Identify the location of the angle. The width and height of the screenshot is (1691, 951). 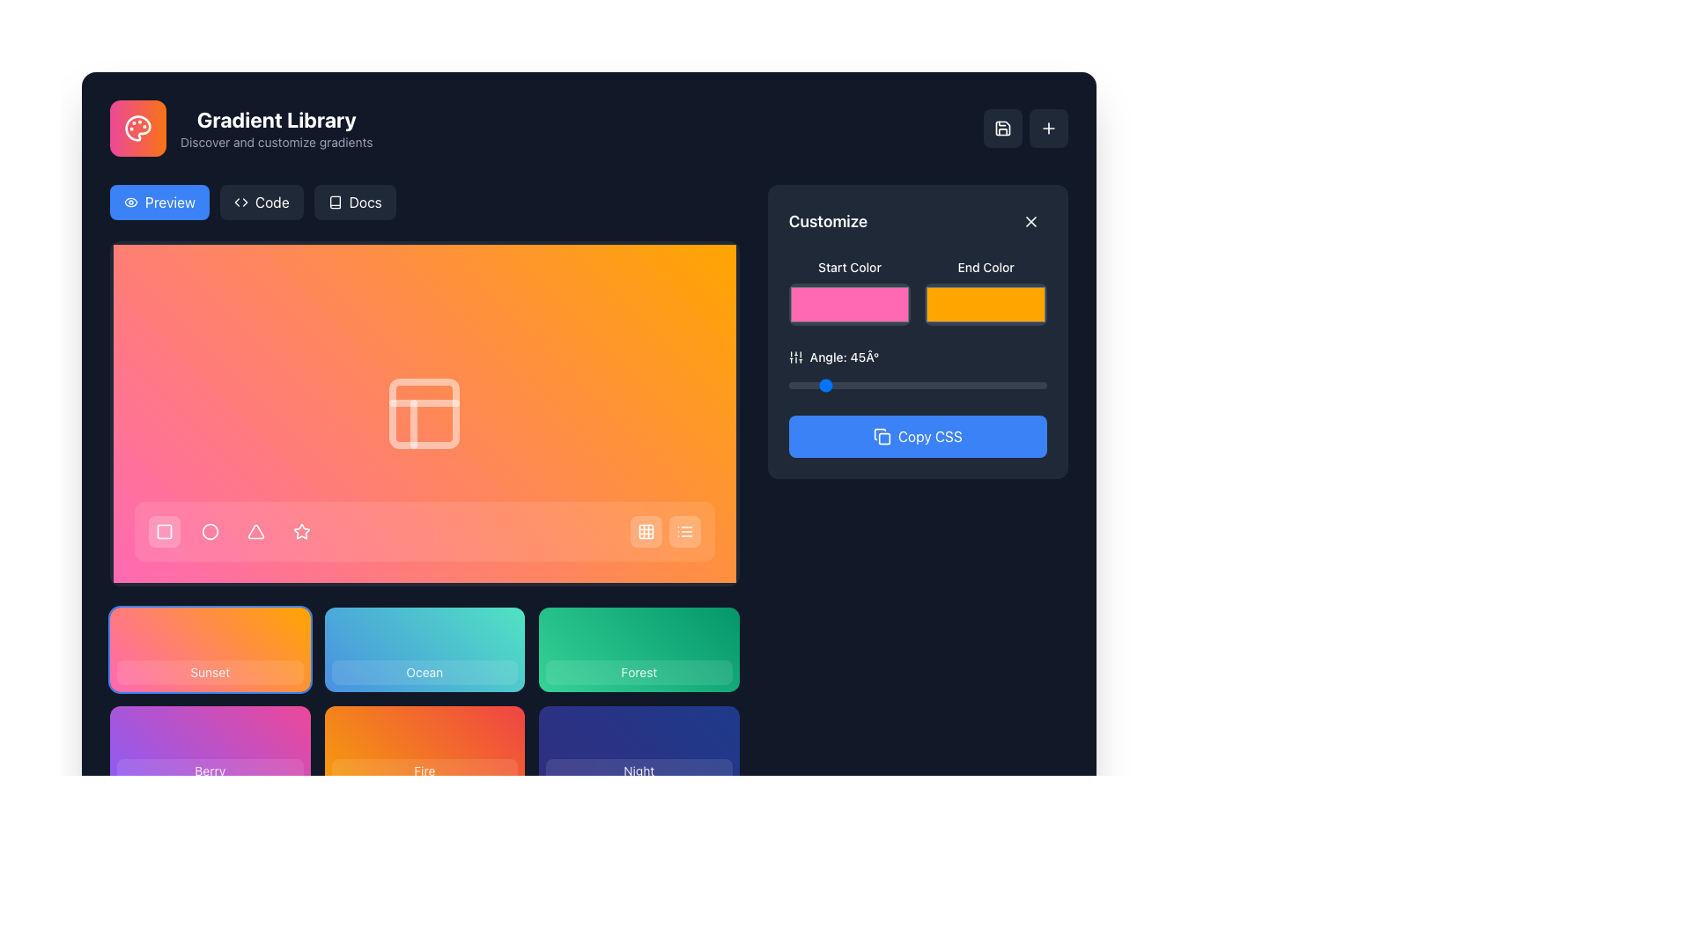
(817, 385).